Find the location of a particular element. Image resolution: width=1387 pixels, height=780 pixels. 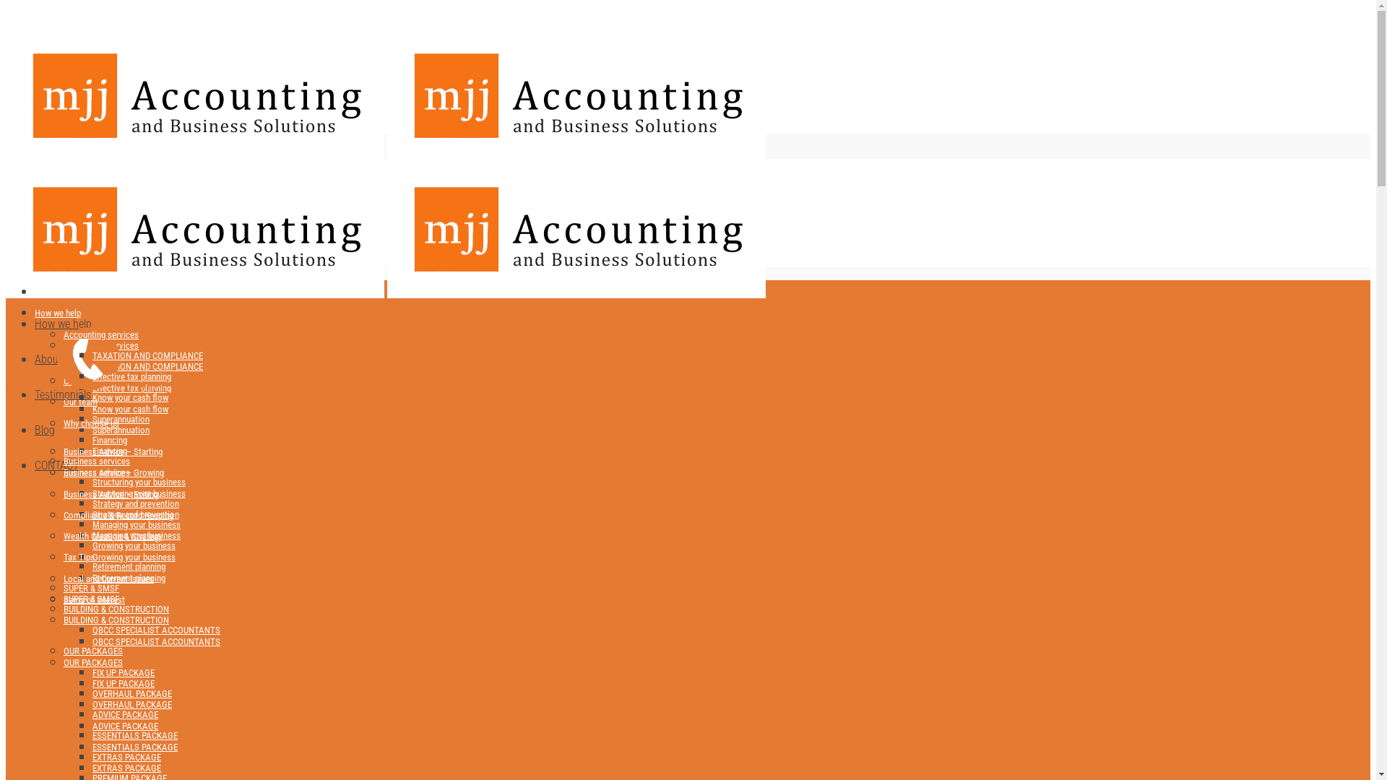

'REQUEST A QUOTE' is located at coordinates (6, 252).